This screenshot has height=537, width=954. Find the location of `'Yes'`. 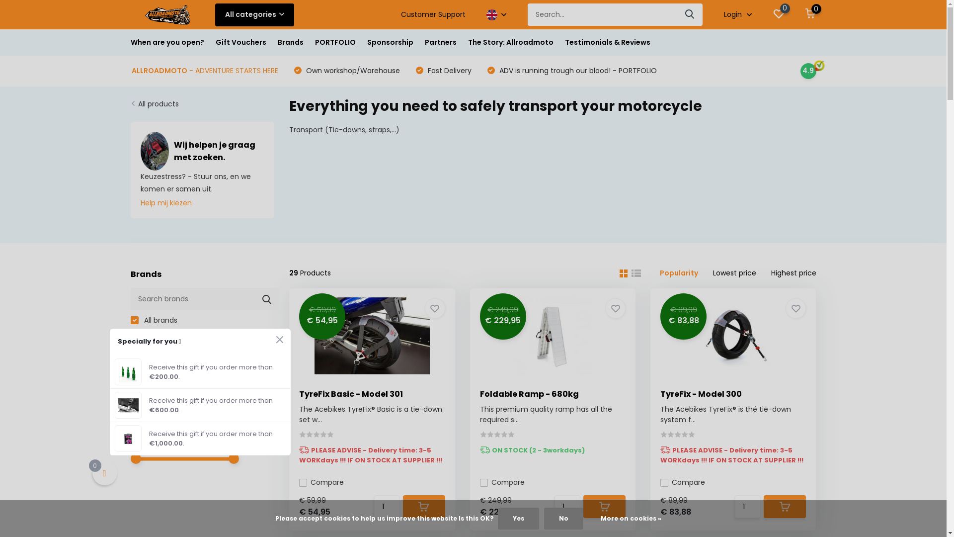

'Yes' is located at coordinates (518, 518).